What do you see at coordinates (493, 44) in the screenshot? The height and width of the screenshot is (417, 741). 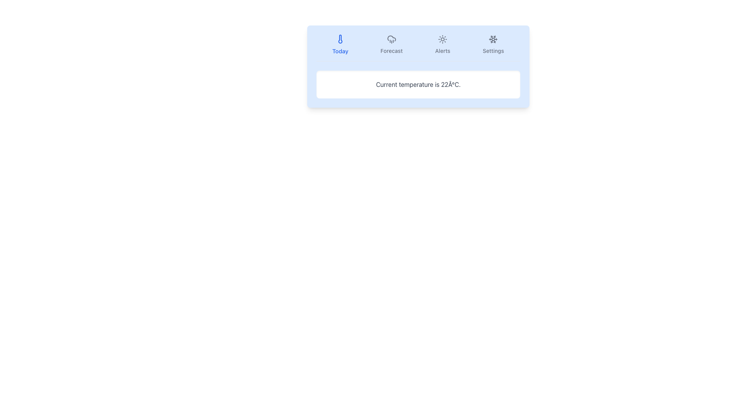 I see `the settings button located at the far right of the top bar` at bounding box center [493, 44].